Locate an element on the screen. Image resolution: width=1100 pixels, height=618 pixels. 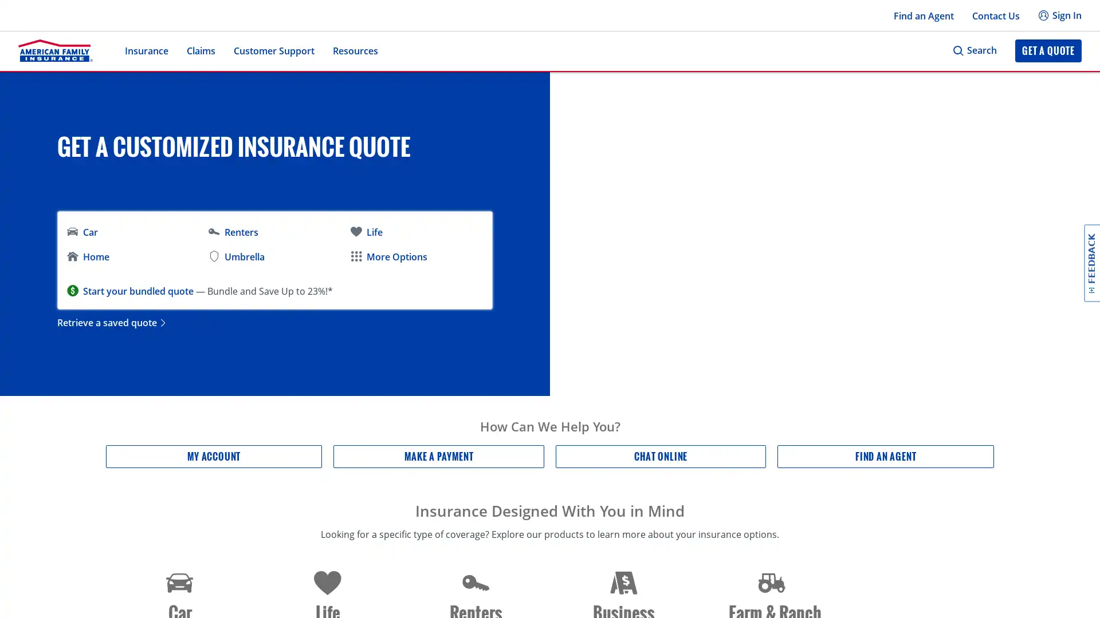
More Options is located at coordinates (388, 256).